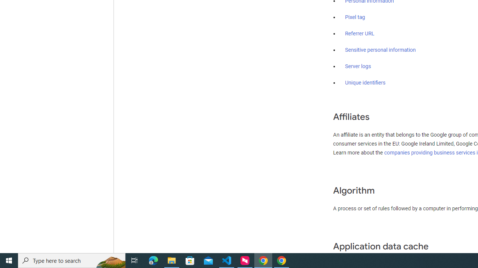 Image resolution: width=478 pixels, height=268 pixels. I want to click on 'Referrer URL', so click(360, 34).